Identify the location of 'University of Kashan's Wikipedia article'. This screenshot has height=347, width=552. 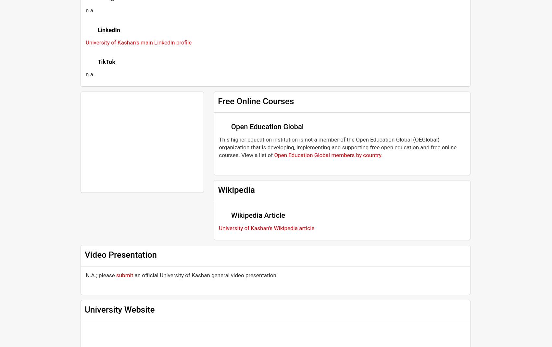
(266, 228).